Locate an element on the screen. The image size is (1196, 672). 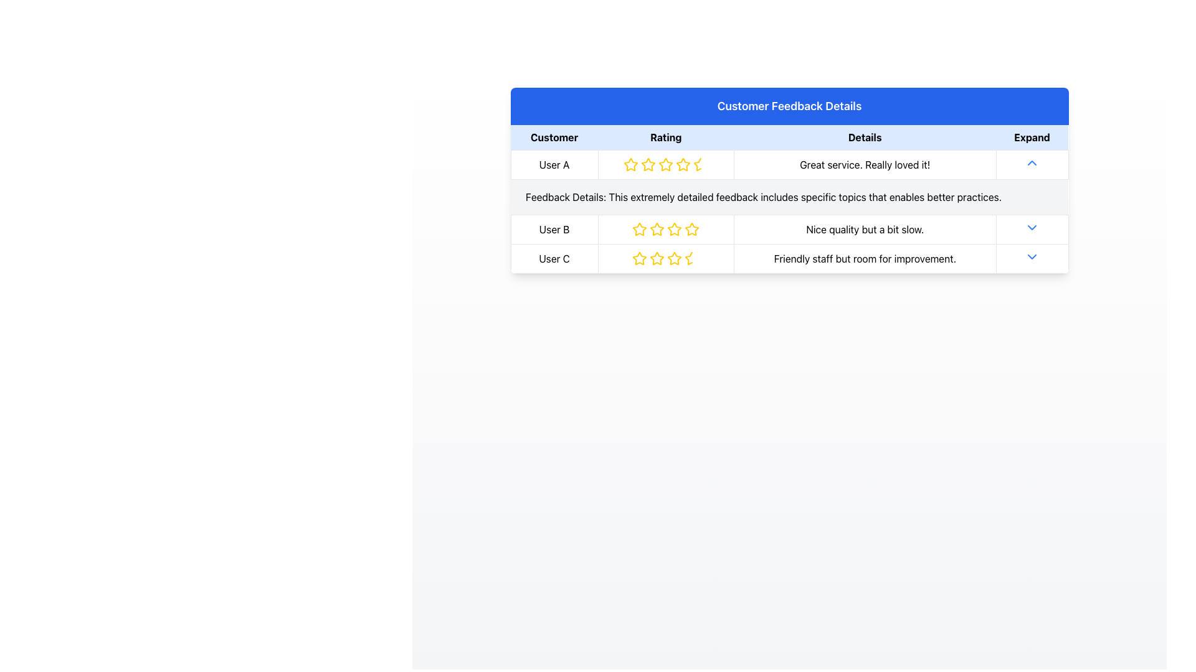
the toggle button located at the bottom-right corner of the table under the 'Expand' column for 'User C' to observe visual feedback is located at coordinates (1032, 256).